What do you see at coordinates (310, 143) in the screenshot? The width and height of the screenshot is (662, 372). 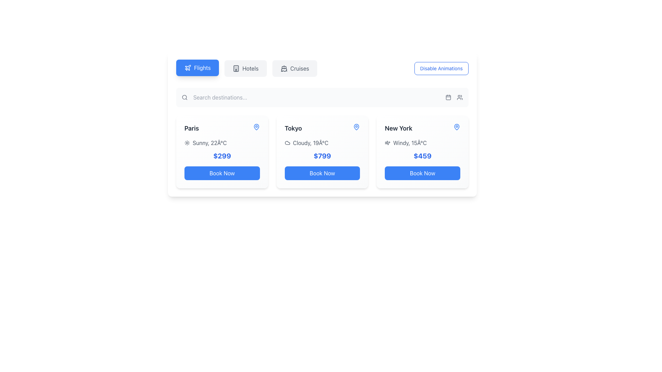 I see `the static text element displaying the weather condition and temperature for Tokyo, which is located in the Tokyo card below the title 'Tokyo' and above the price` at bounding box center [310, 143].